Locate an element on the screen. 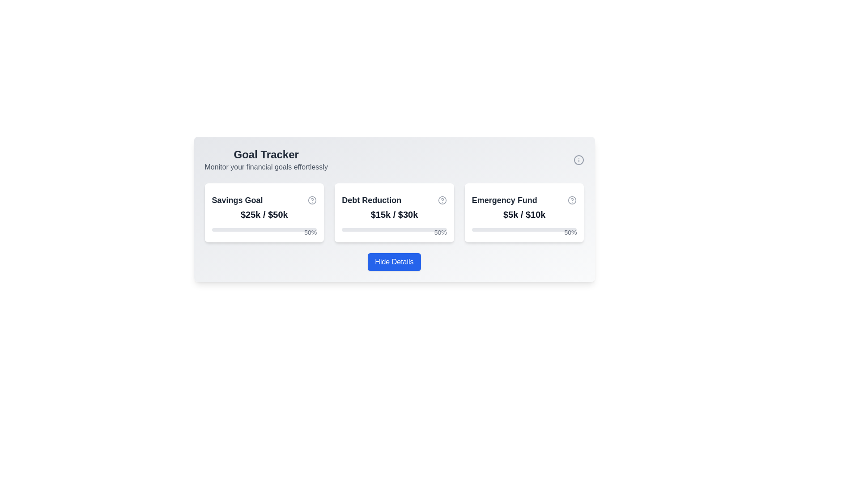  the progress bar representing 50% completion for the 'Emergency Fund' goal in the 'Goal Tracker' interface is located at coordinates (498, 229).